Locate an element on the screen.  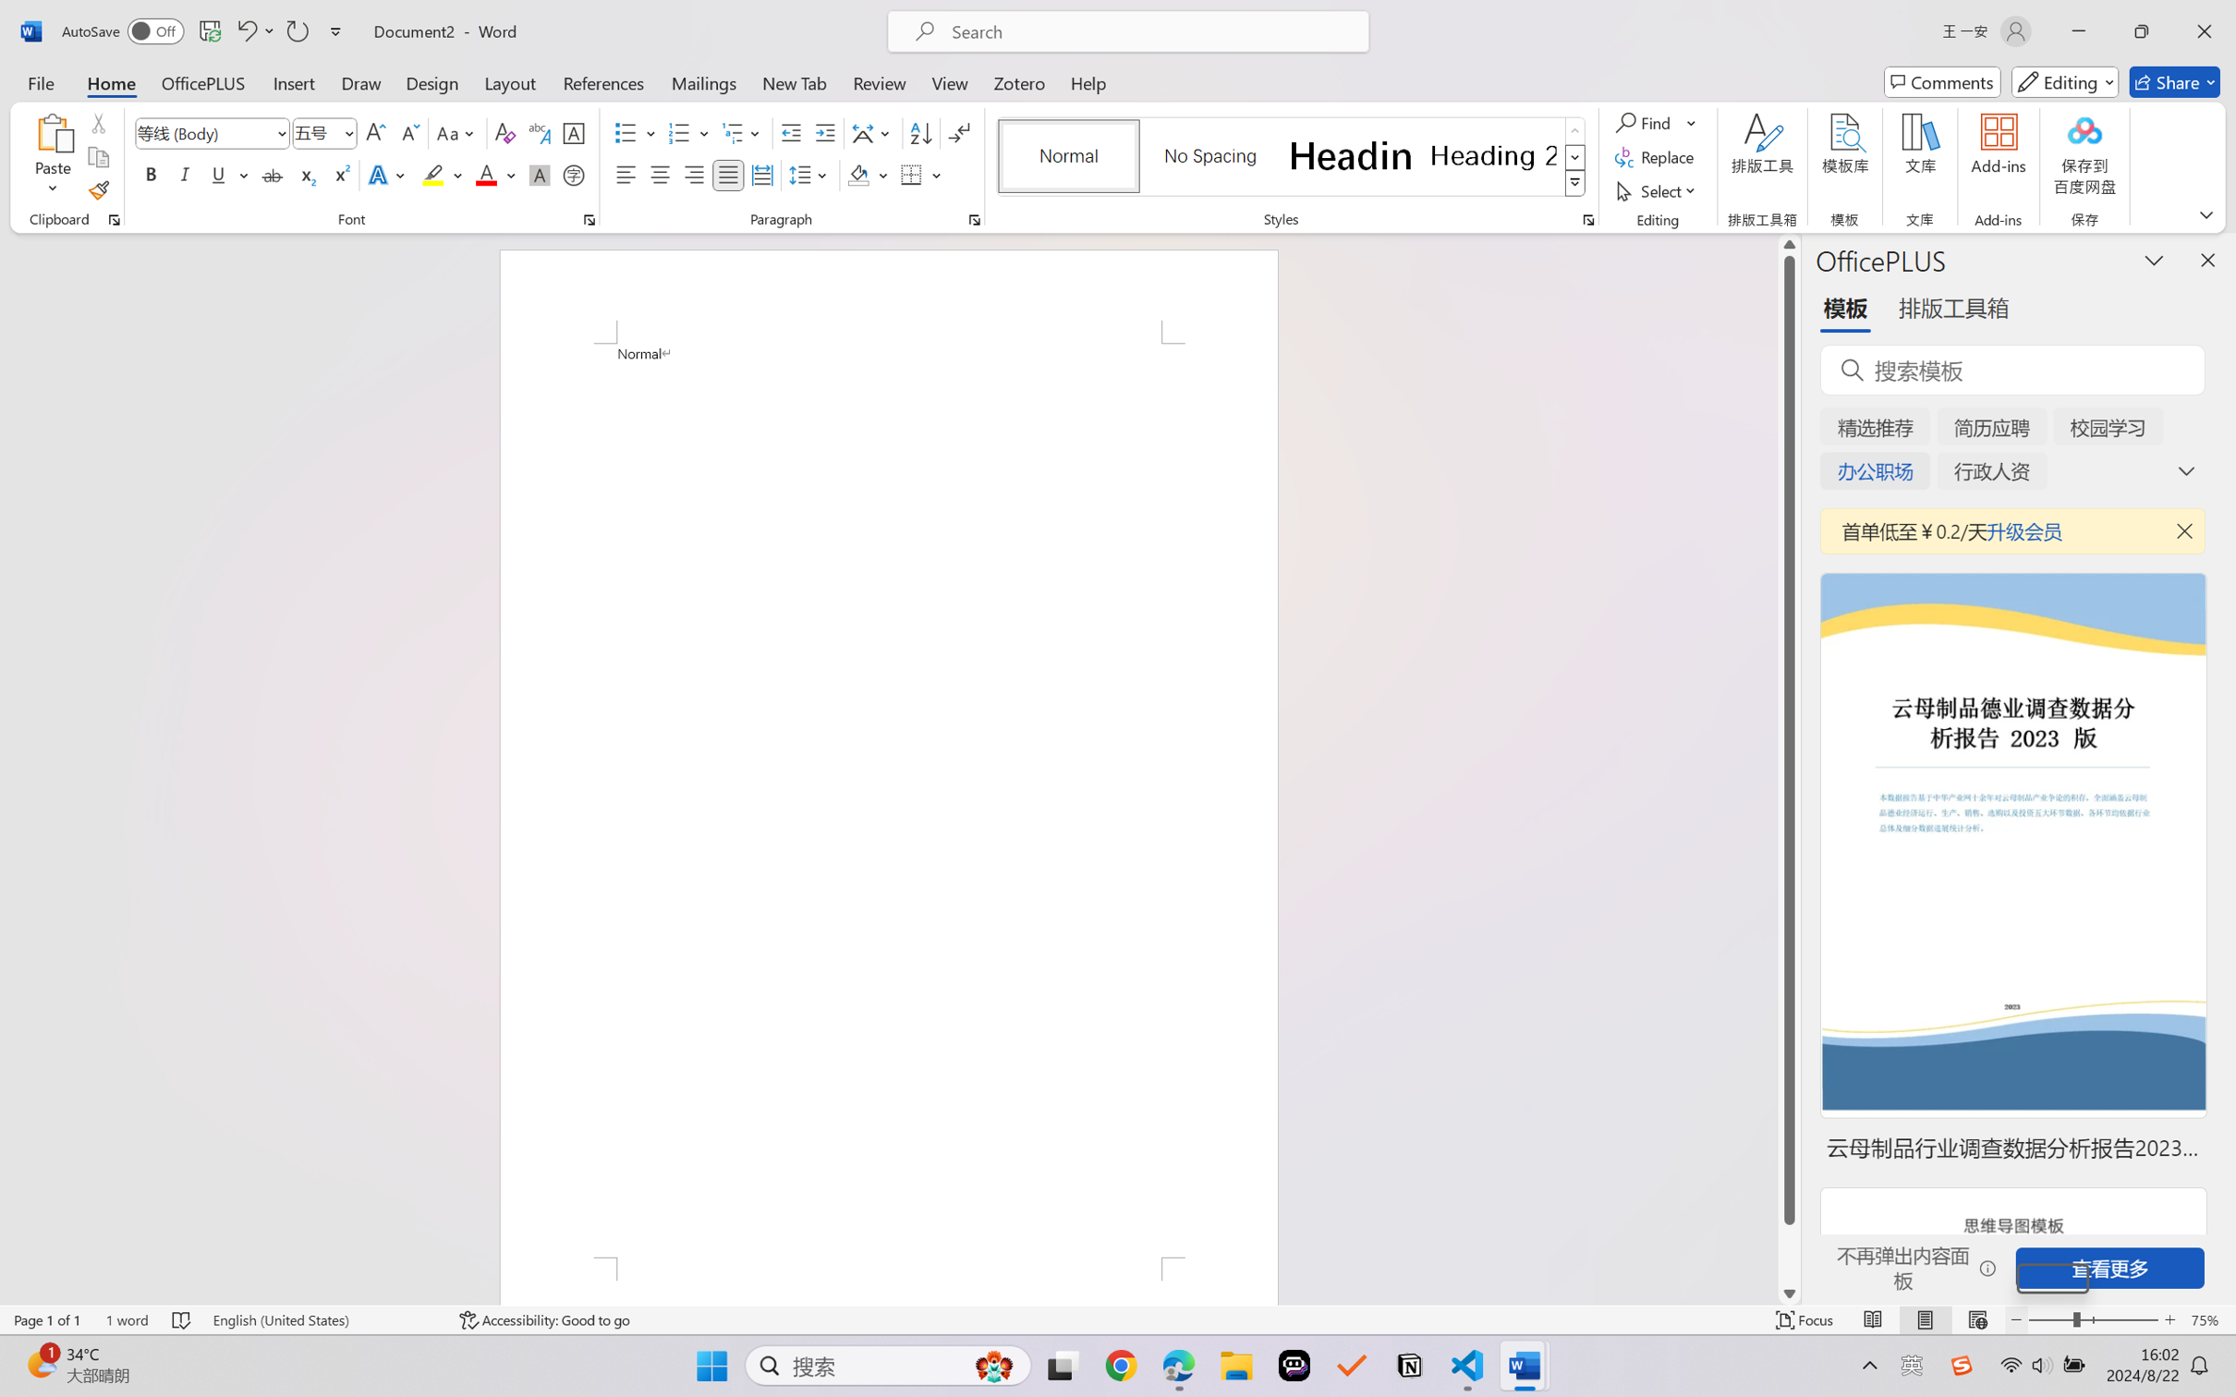
'Paragraph...' is located at coordinates (974, 219).